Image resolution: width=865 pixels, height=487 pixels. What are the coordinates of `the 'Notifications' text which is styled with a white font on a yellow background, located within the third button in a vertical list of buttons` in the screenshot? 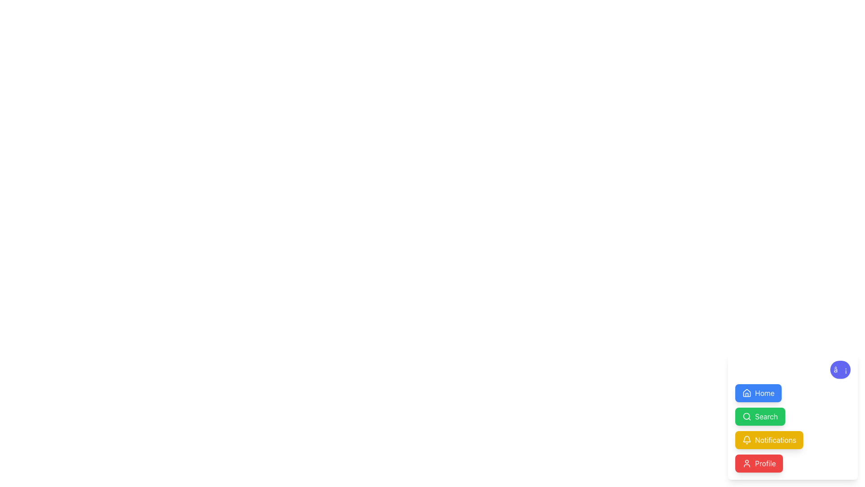 It's located at (775, 439).